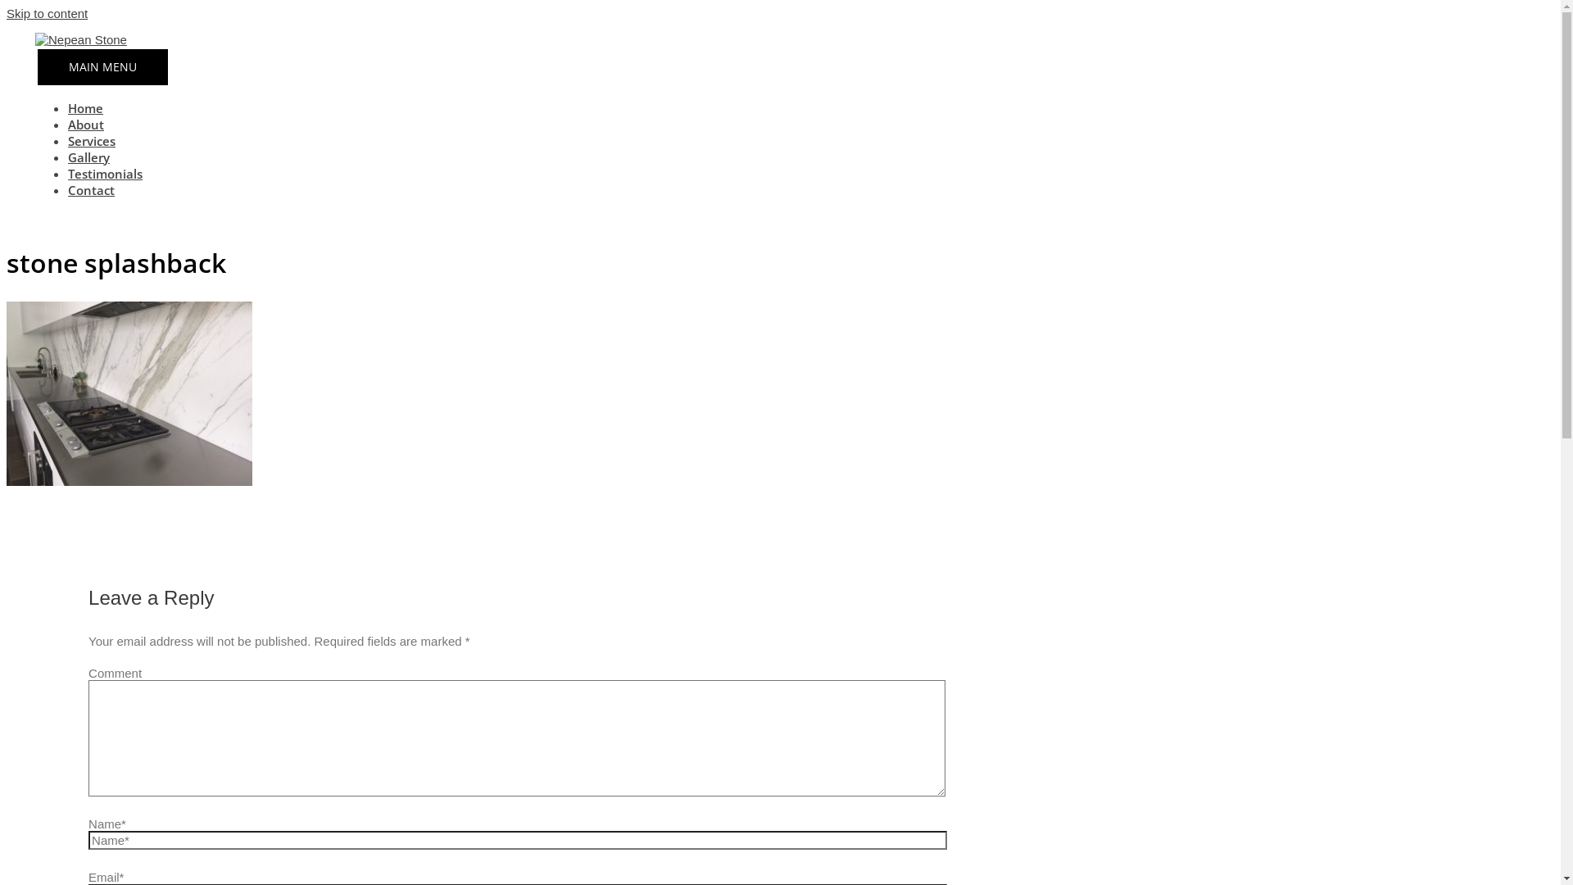 This screenshot has width=1573, height=885. Describe the element at coordinates (66, 140) in the screenshot. I see `'Services'` at that location.